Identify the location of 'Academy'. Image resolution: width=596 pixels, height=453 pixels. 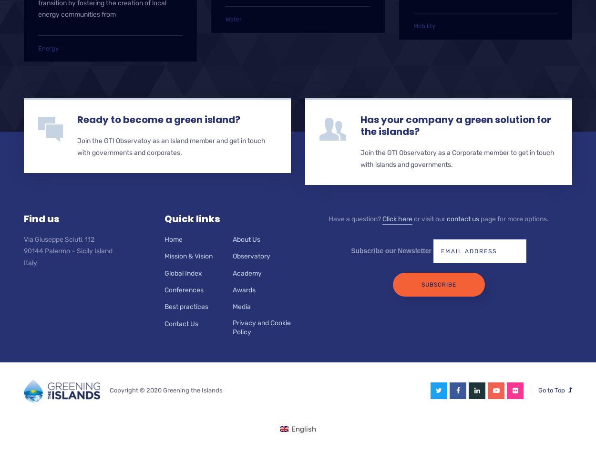
(247, 273).